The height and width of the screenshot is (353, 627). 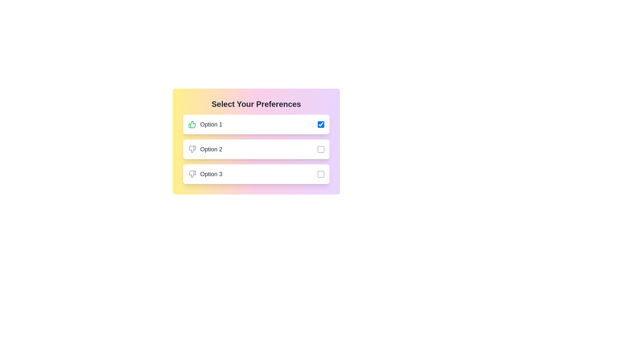 I want to click on the checkbox associated with the 'Option 2' button in the grouped UI element of buttons and checkboxes, so click(x=256, y=149).